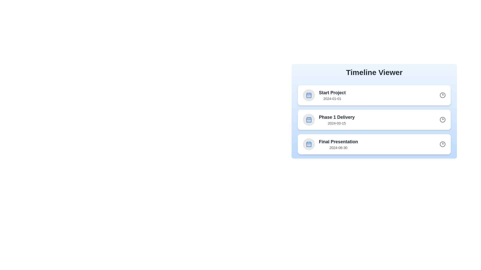 This screenshot has height=270, width=481. What do you see at coordinates (309, 144) in the screenshot?
I see `the calendar icon representing the 'Final Presentation' event dated 2024-06-30, which is the third icon in the vertical list within the 'Timeline Viewer' section` at bounding box center [309, 144].